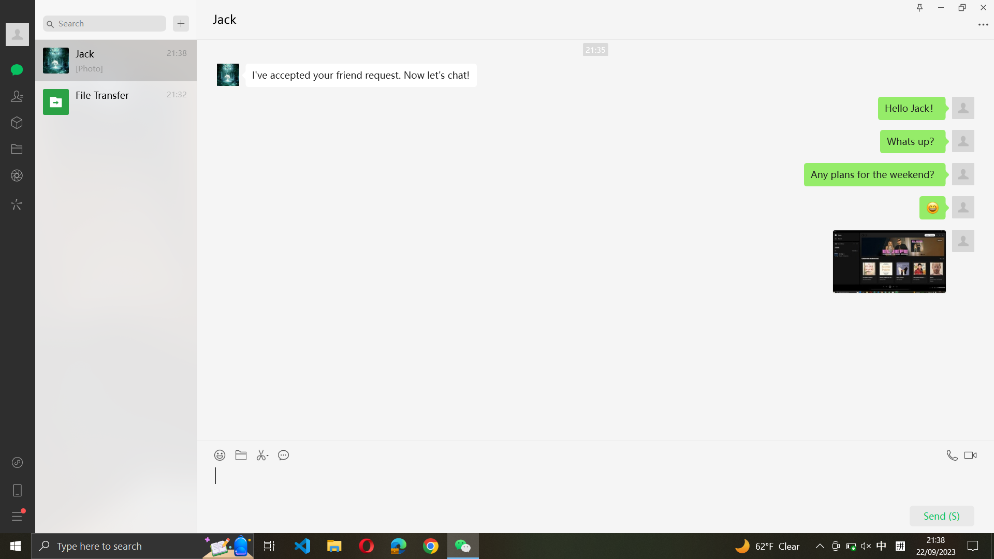  I want to click on option to send a file to Jack, so click(241, 452).